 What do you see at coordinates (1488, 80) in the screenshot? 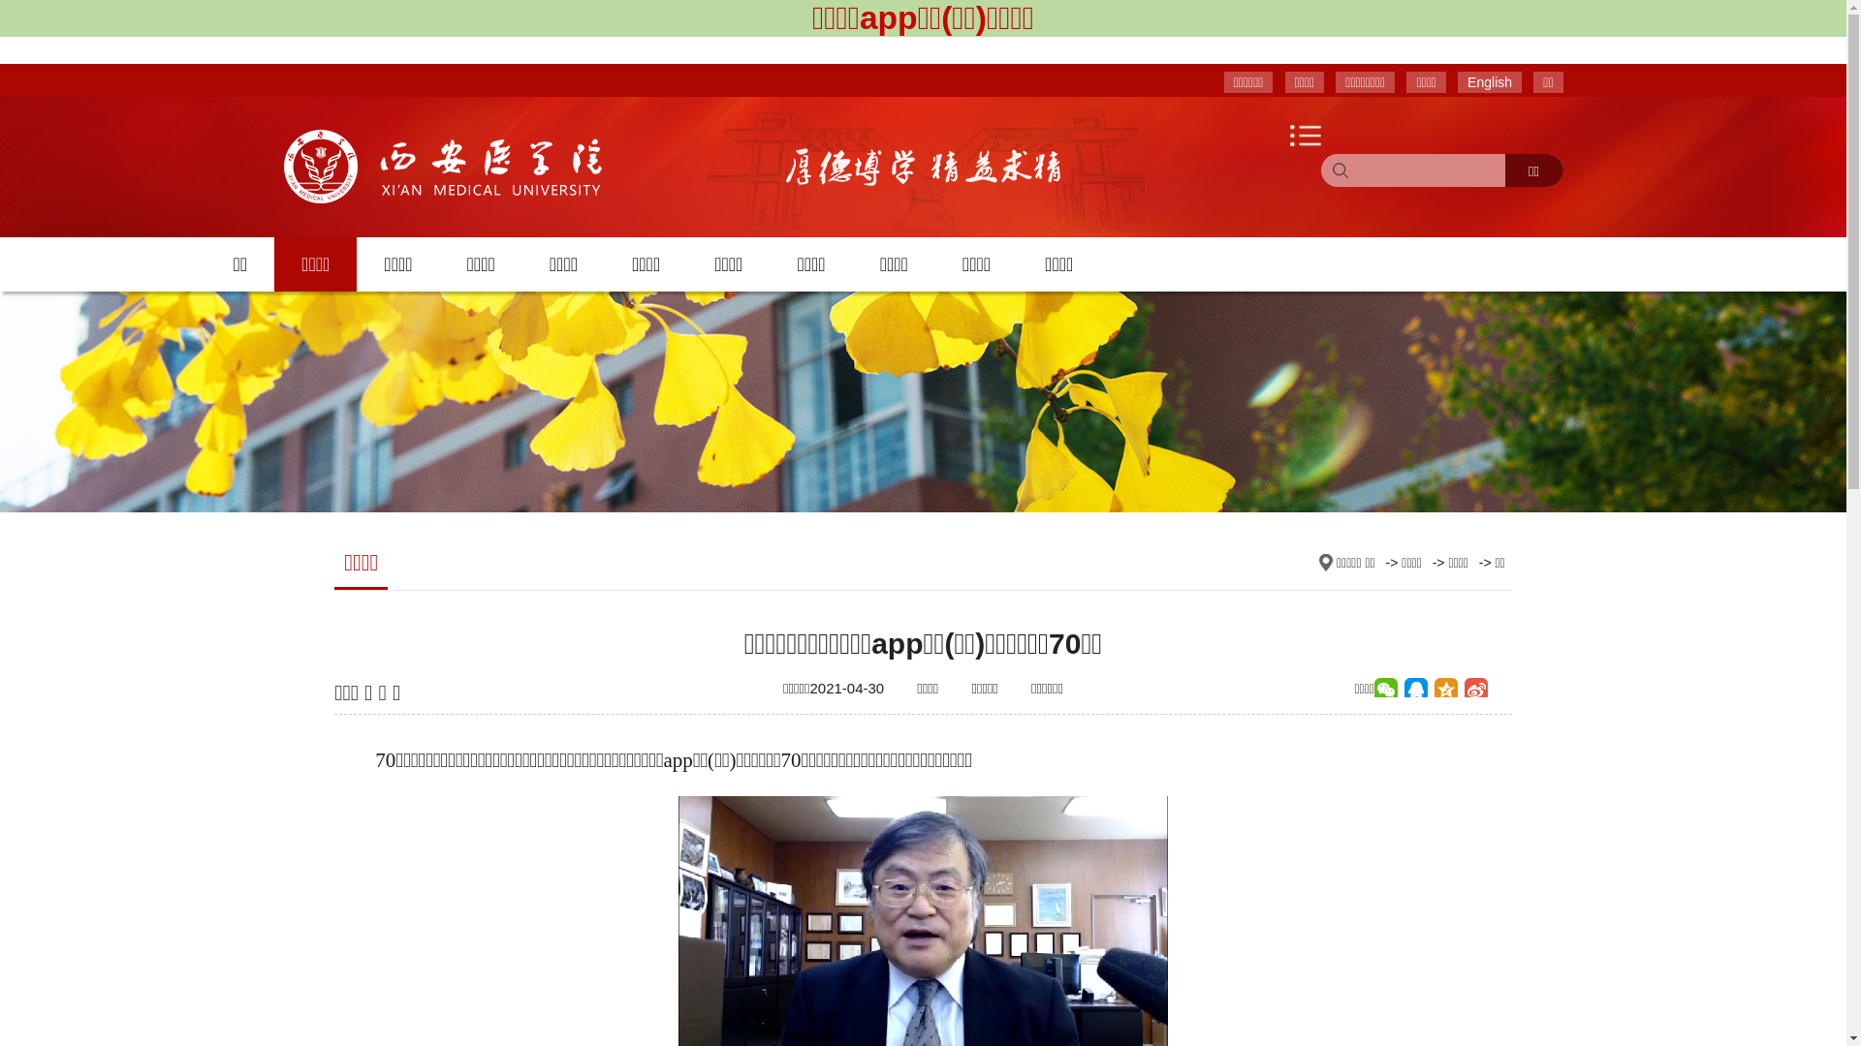
I see `'English'` at bounding box center [1488, 80].